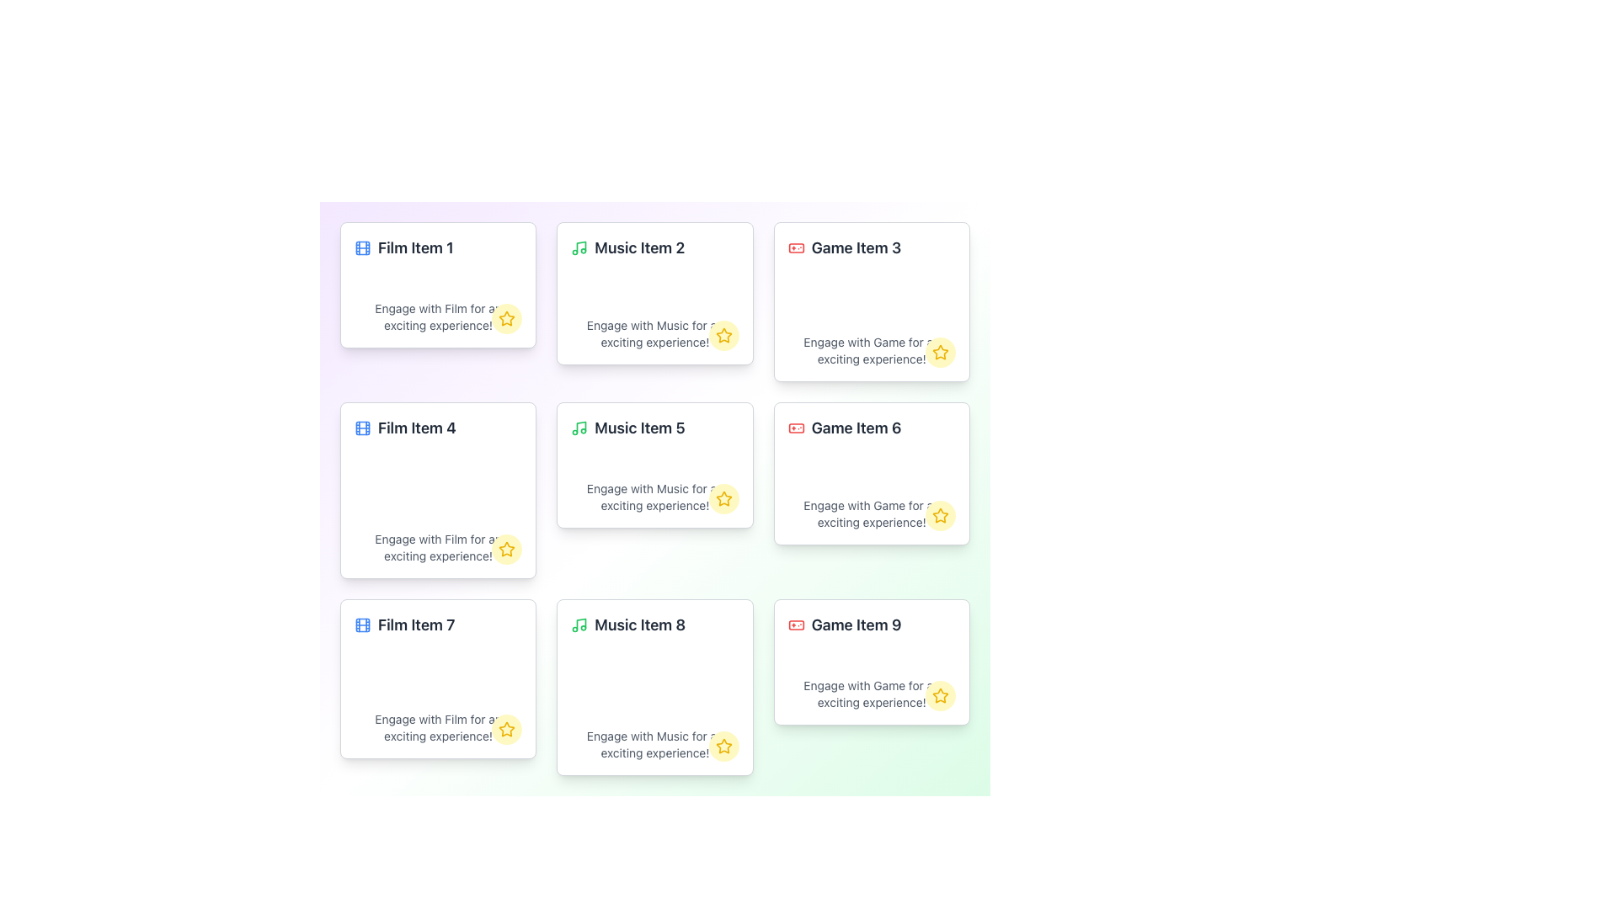 This screenshot has width=1617, height=909. Describe the element at coordinates (438, 726) in the screenshot. I see `the text label displaying 'Engage with Film for an exciting experience!' located beneath the header 'Film Item 7'` at that location.